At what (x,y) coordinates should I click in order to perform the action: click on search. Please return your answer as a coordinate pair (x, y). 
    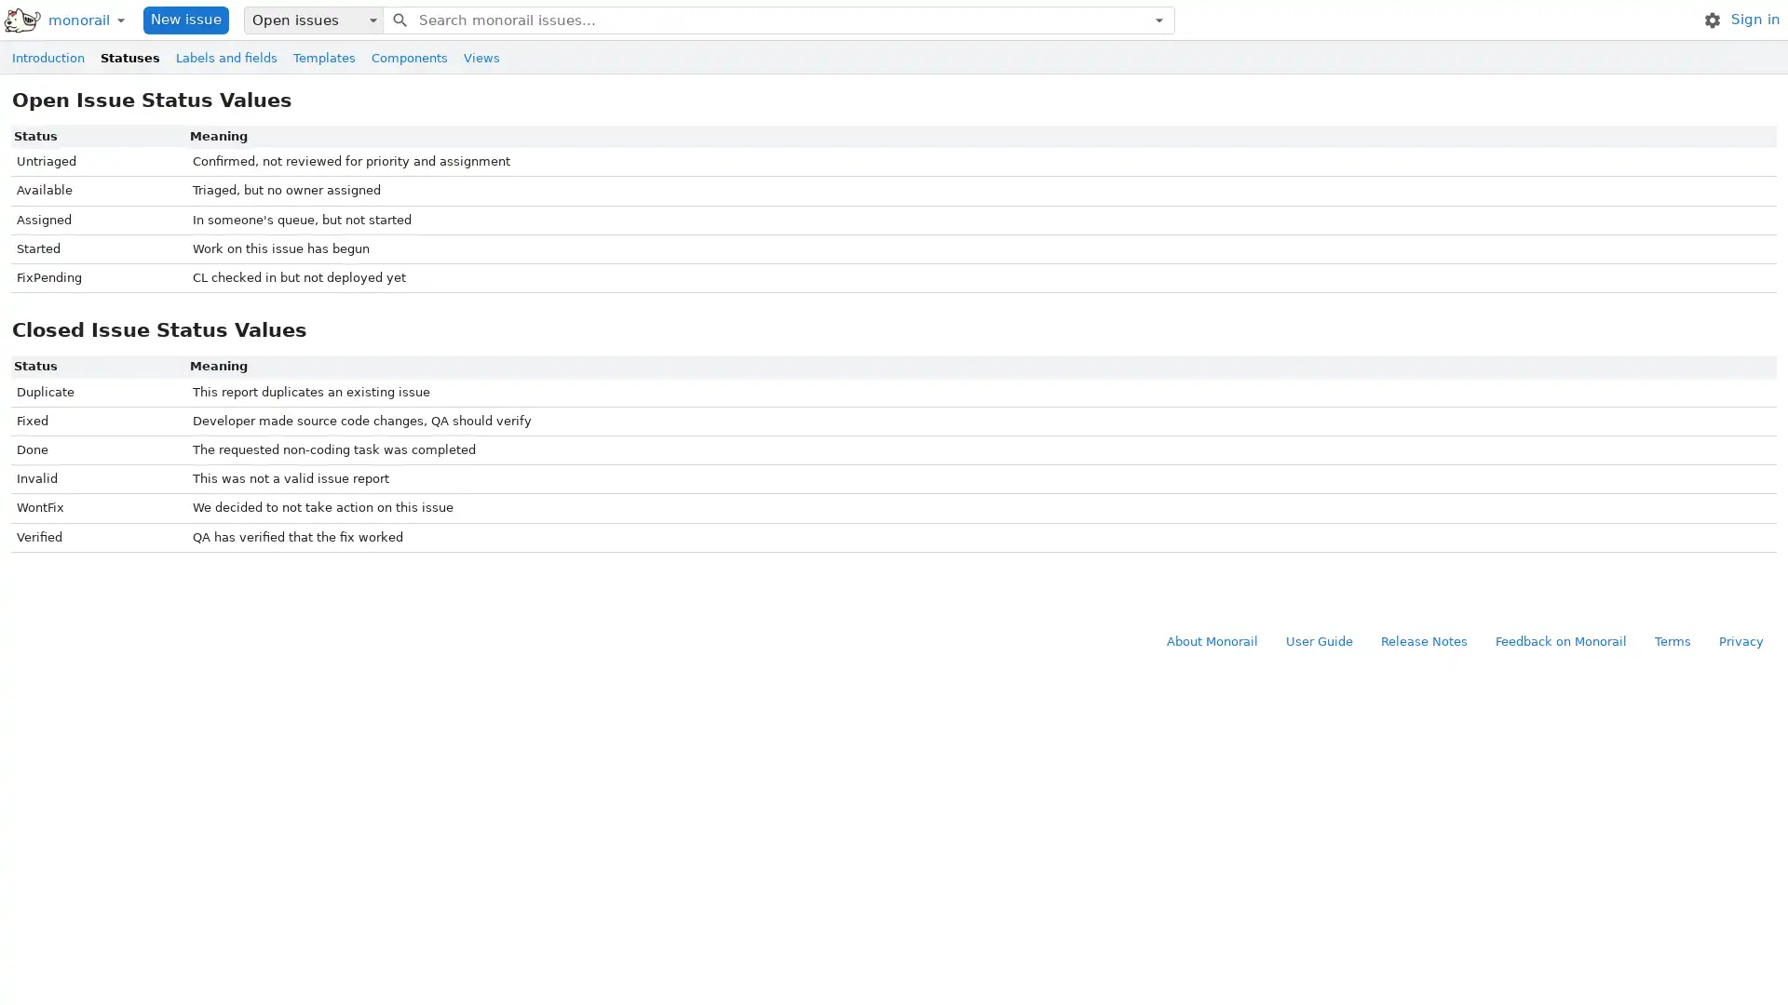
    Looking at the image, I should click on (398, 19).